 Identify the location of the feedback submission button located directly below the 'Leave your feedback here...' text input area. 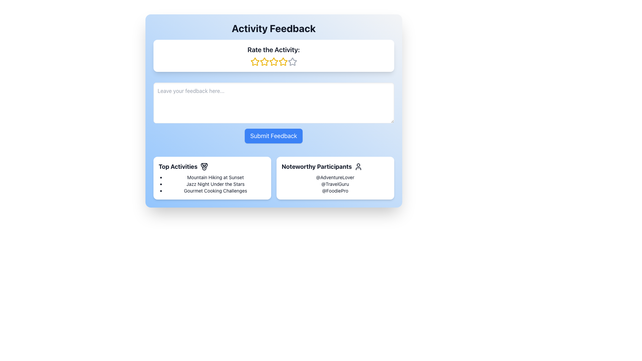
(274, 136).